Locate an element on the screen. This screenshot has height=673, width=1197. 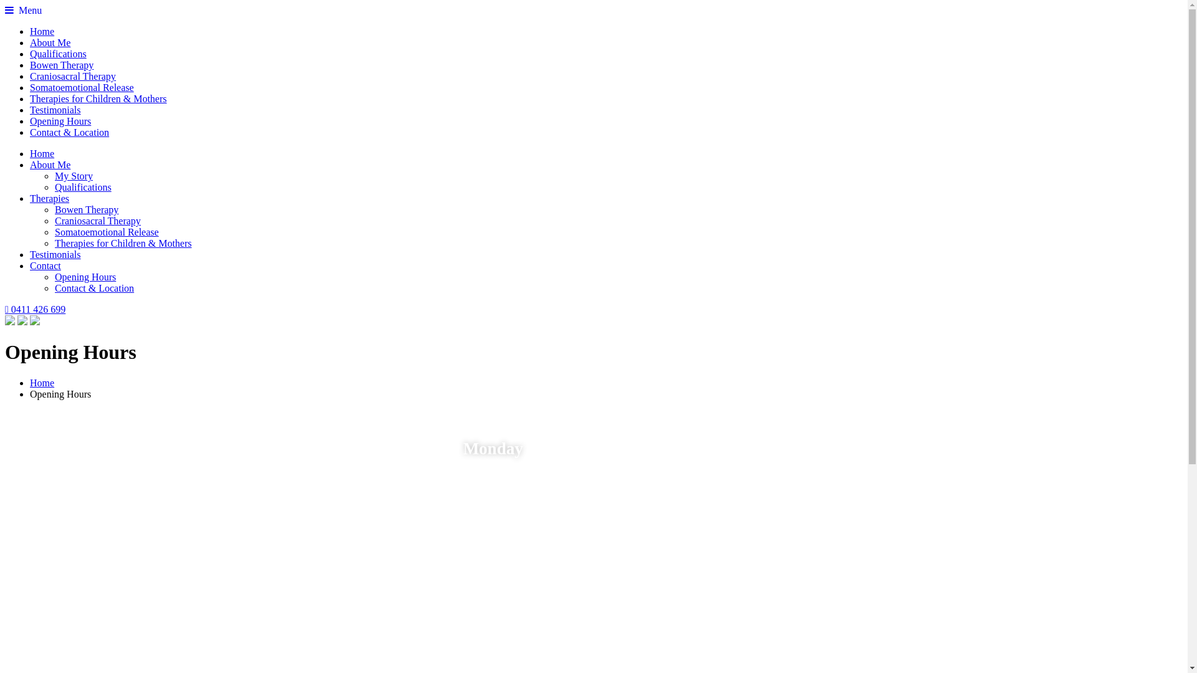
' Menu' is located at coordinates (23, 10).